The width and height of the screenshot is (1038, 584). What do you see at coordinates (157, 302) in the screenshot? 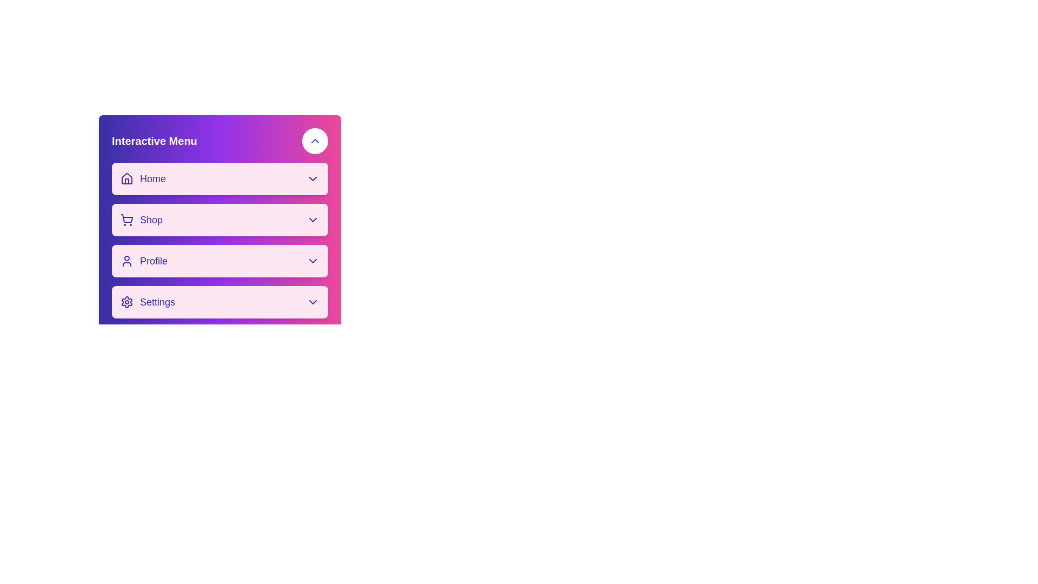
I see `the 'Settings' text label, which is displayed in blue and located in the bottom section of the vertical menu` at bounding box center [157, 302].